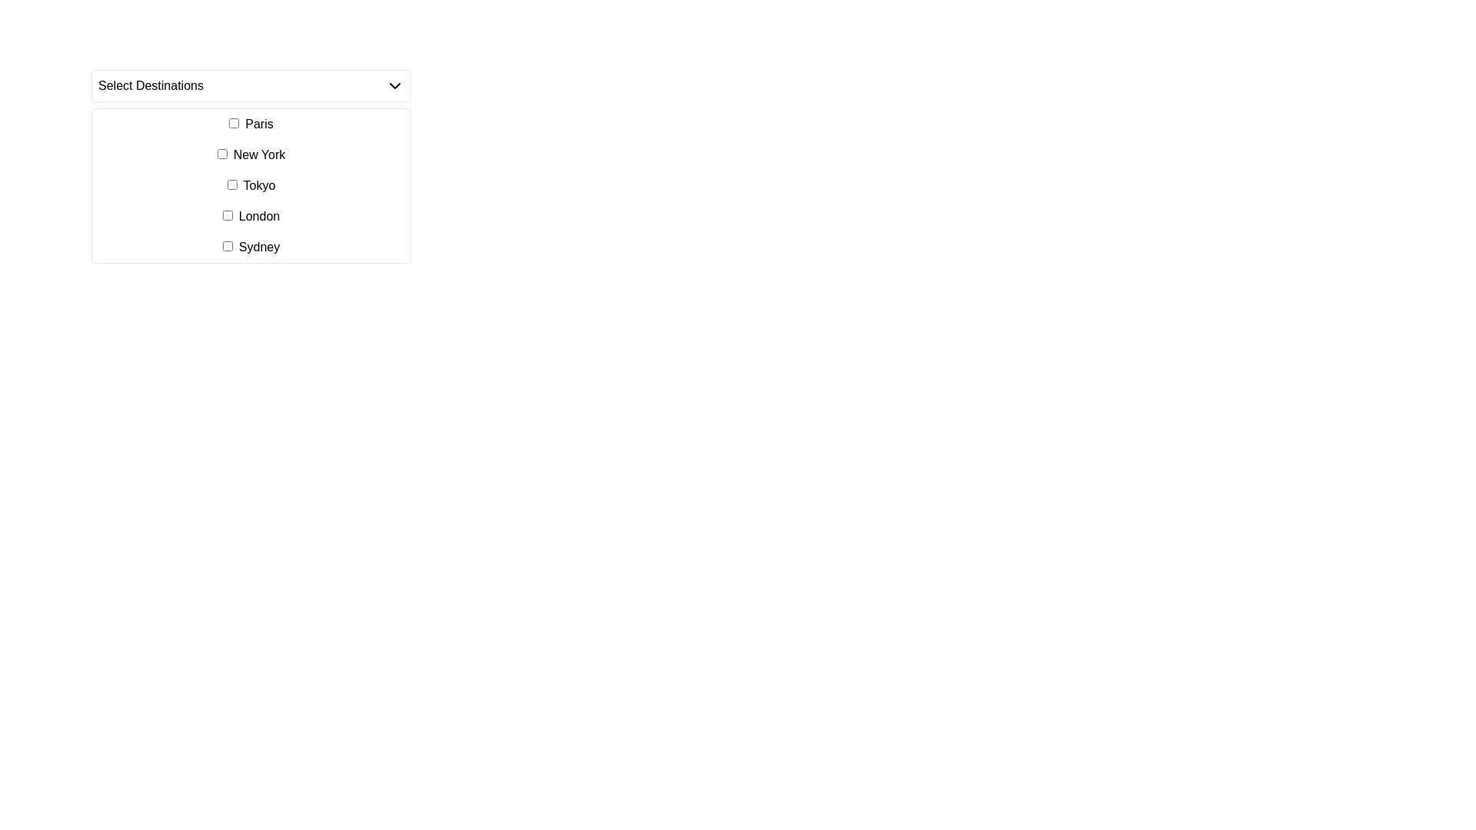 The height and width of the screenshot is (830, 1476). I want to click on label text 'Paris' which is positioned to the right of the checkbox in the first item of the dropdown menu under 'Select Destinations', so click(259, 123).